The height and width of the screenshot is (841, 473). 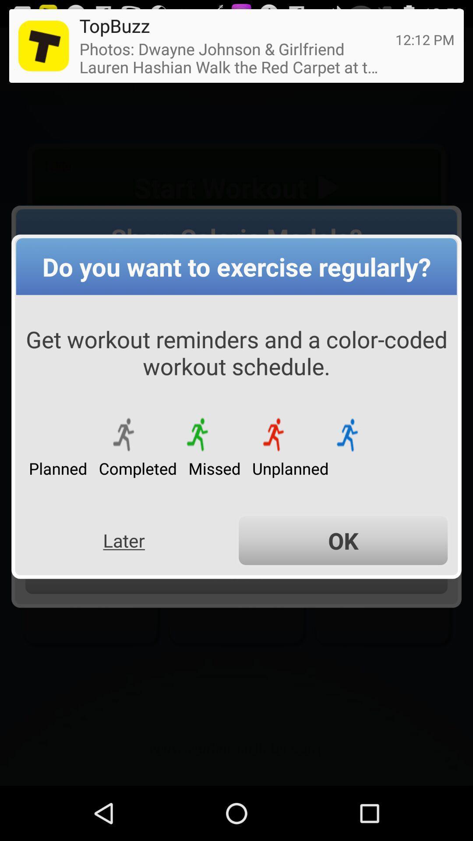 What do you see at coordinates (342, 540) in the screenshot?
I see `the app to the right of later` at bounding box center [342, 540].